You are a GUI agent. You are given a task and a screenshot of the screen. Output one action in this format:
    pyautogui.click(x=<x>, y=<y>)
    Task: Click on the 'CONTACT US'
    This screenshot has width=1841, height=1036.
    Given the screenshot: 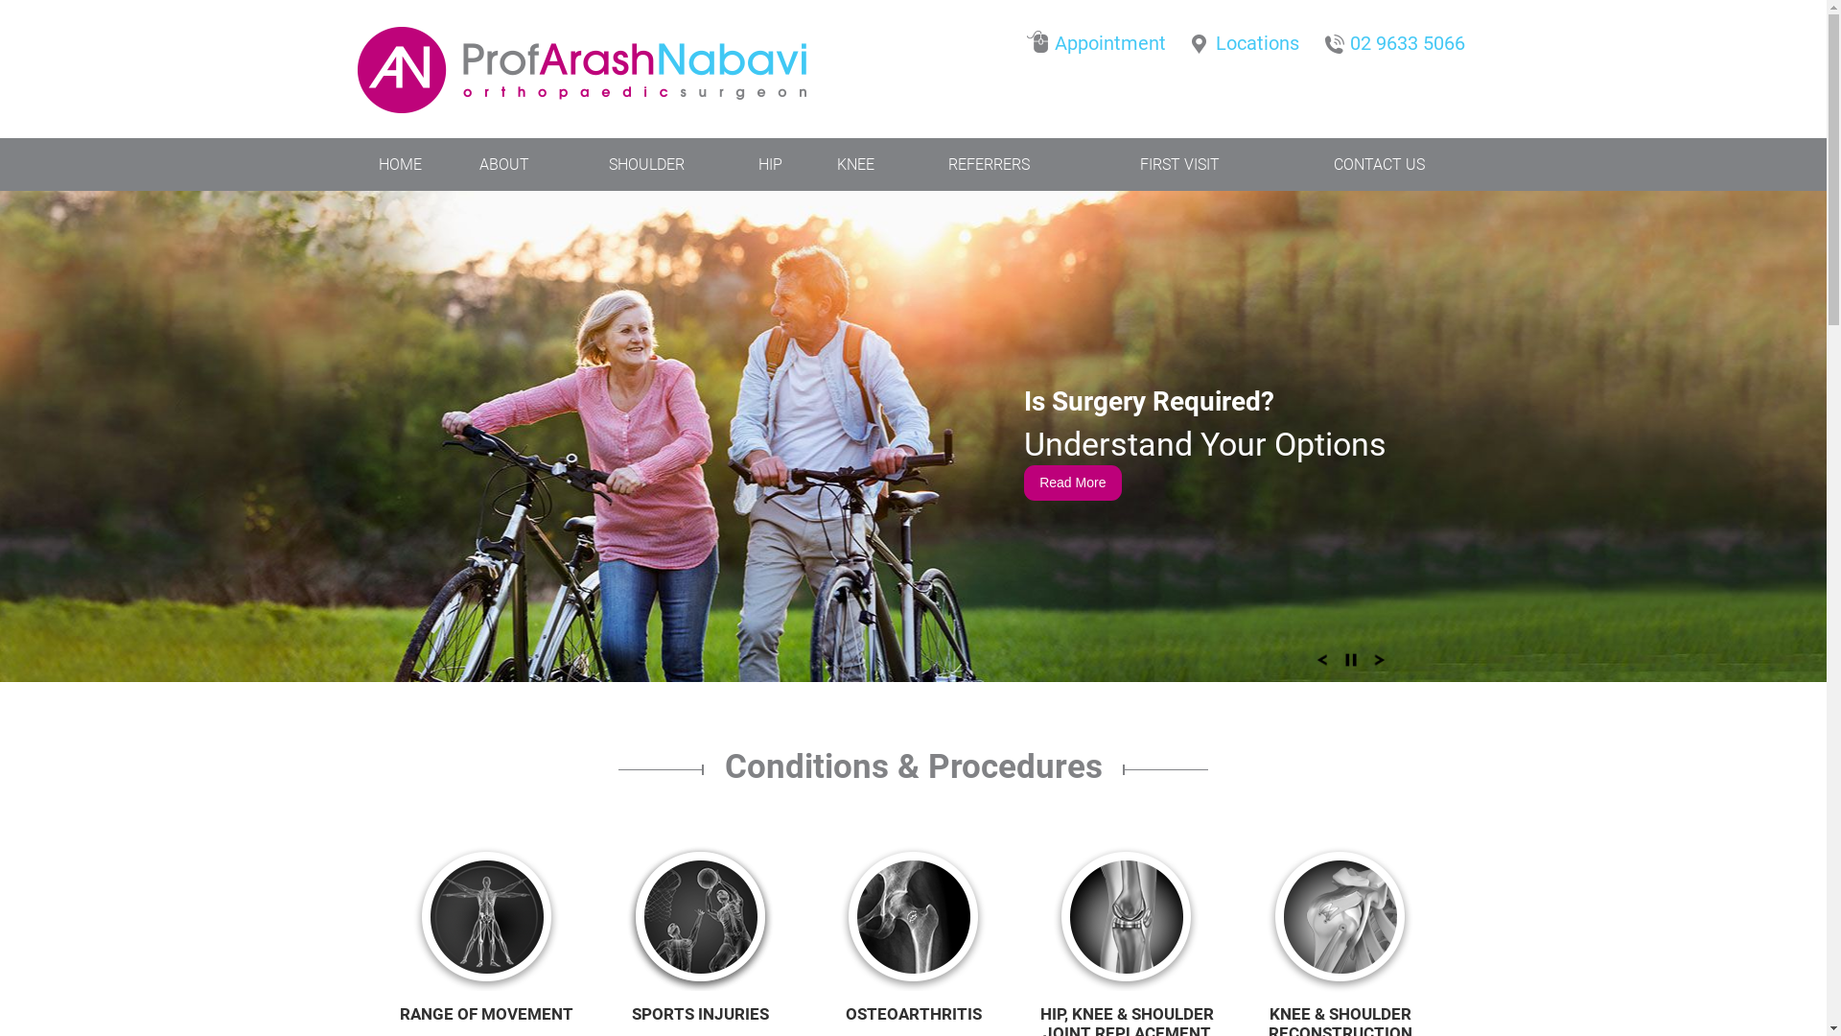 What is the action you would take?
    pyautogui.click(x=1378, y=163)
    